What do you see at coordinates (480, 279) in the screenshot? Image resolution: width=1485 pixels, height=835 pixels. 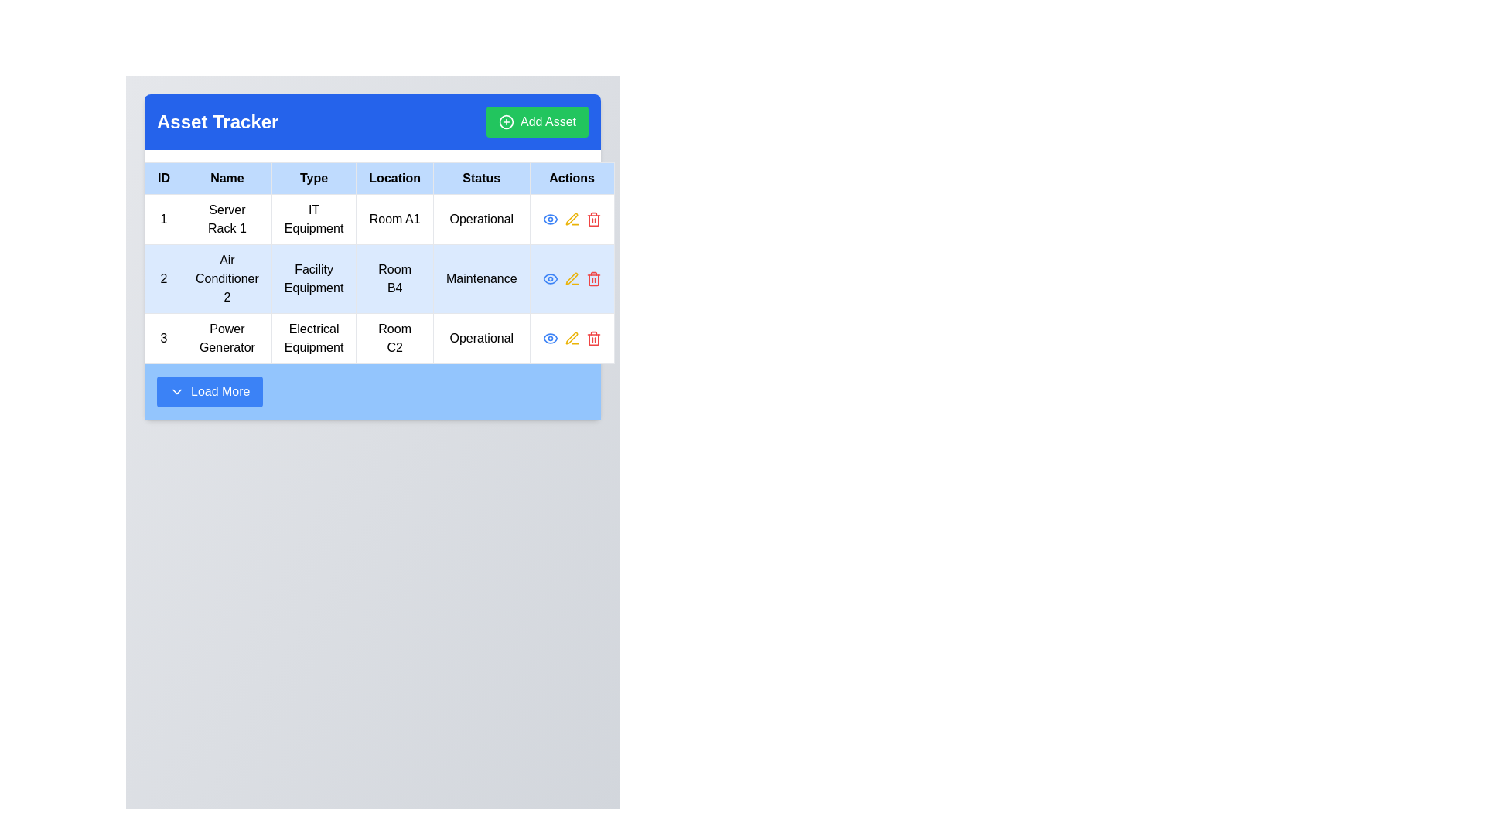 I see `the static label indicating the operational status of 'Air Conditioner 2' located in the second row of the 'Status' column` at bounding box center [480, 279].